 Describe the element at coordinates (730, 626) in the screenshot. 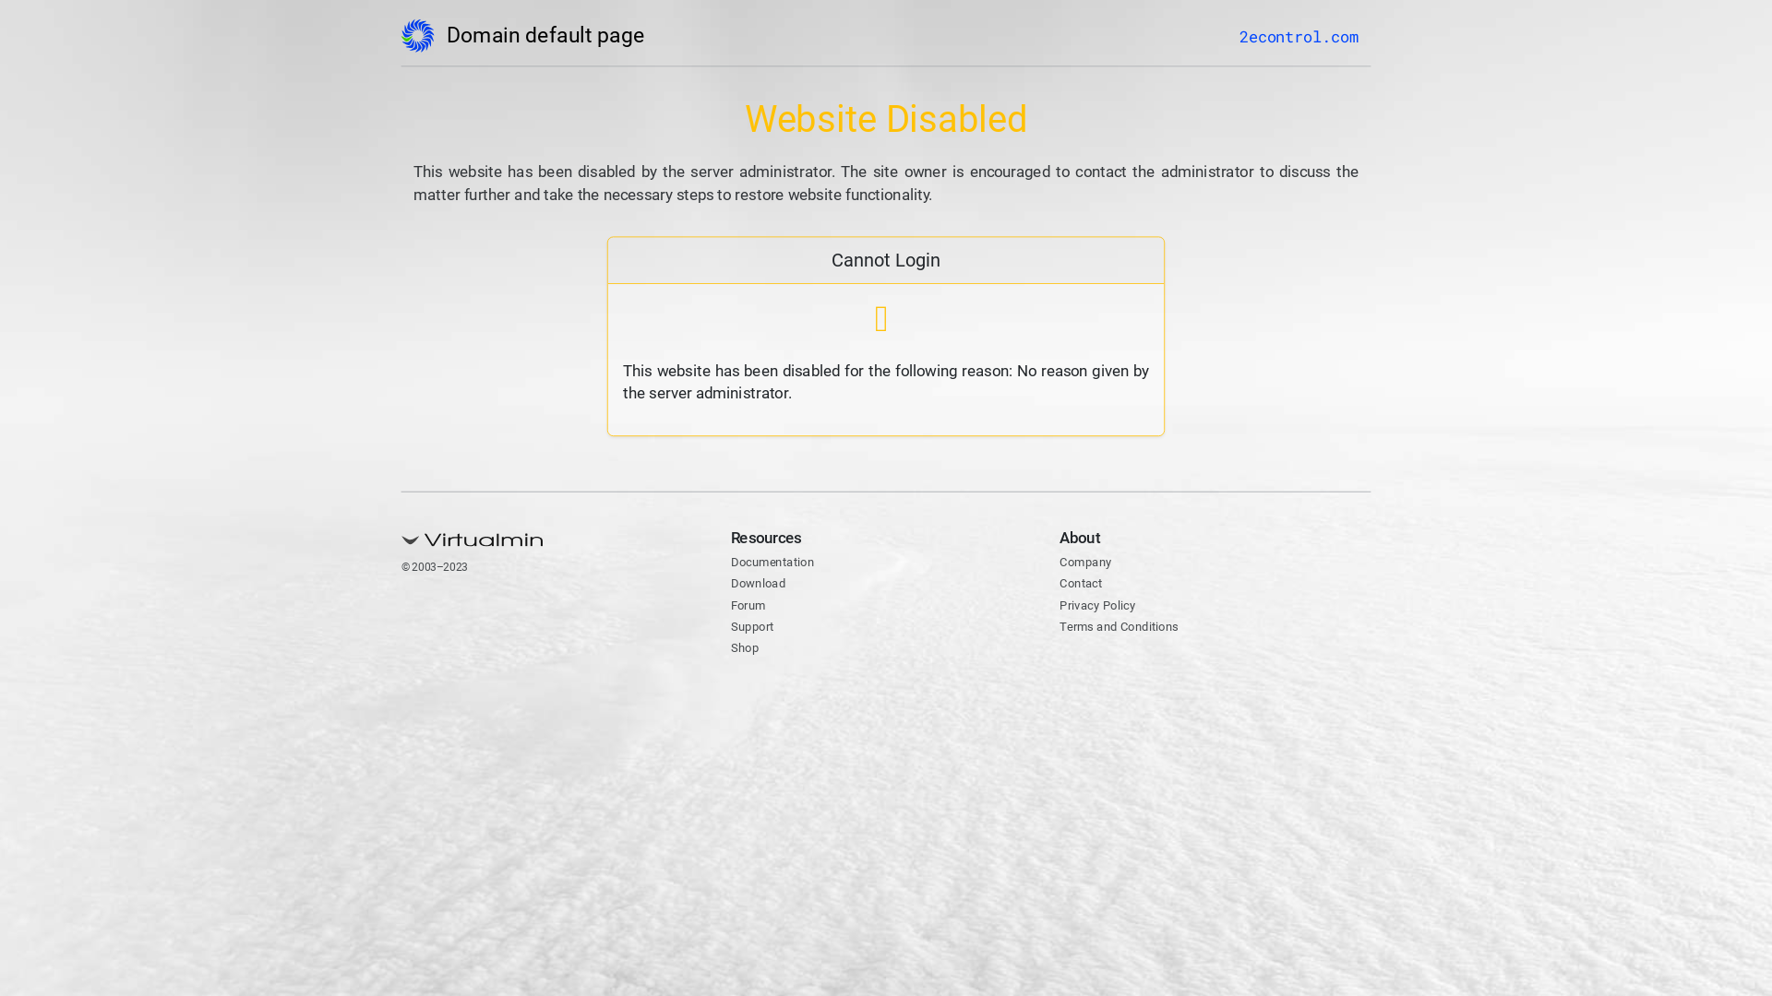

I see `'Support'` at that location.